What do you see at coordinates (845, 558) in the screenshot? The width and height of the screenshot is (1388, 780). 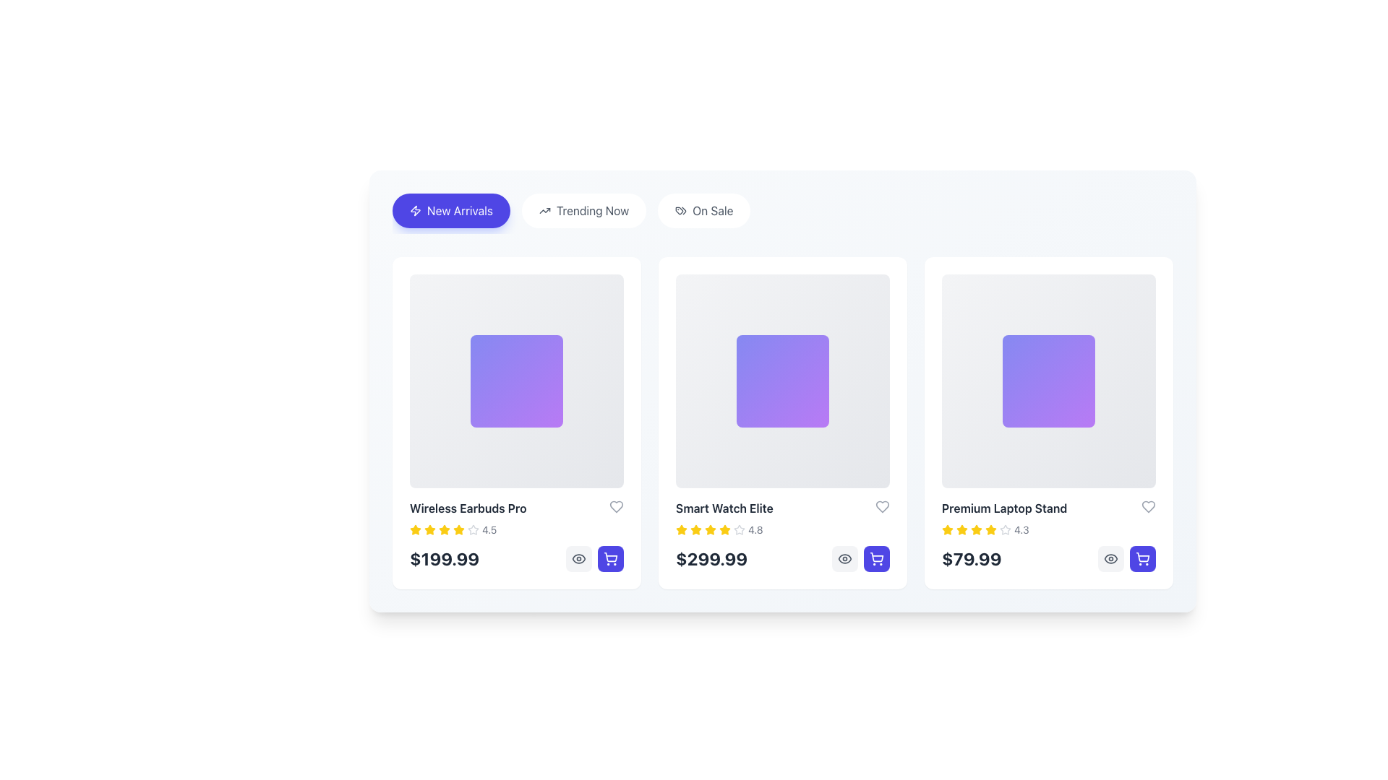 I see `the eye-shaped icon button located in the lower right corner of the 'Premium Laptop Stand' product card` at bounding box center [845, 558].